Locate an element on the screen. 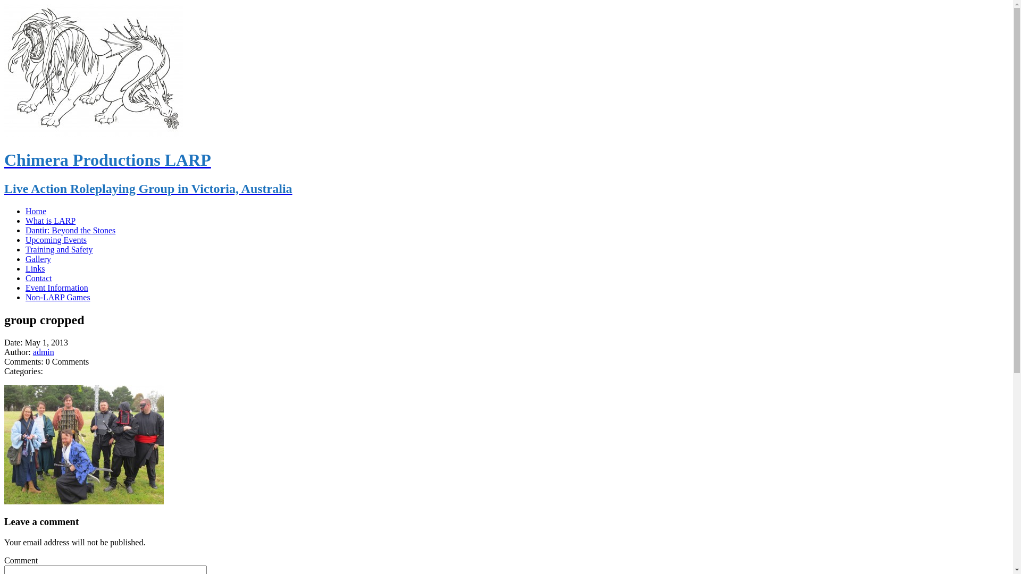 Image resolution: width=1021 pixels, height=574 pixels. 'Non-LARP Games' is located at coordinates (57, 297).